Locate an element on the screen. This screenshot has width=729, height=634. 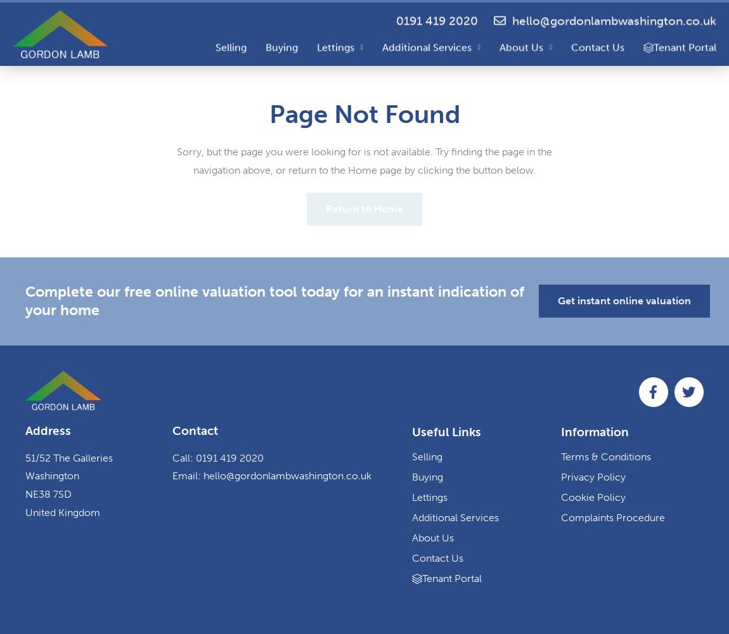
'Email: hello@gordonlambwashington.co.uk' is located at coordinates (271, 475).